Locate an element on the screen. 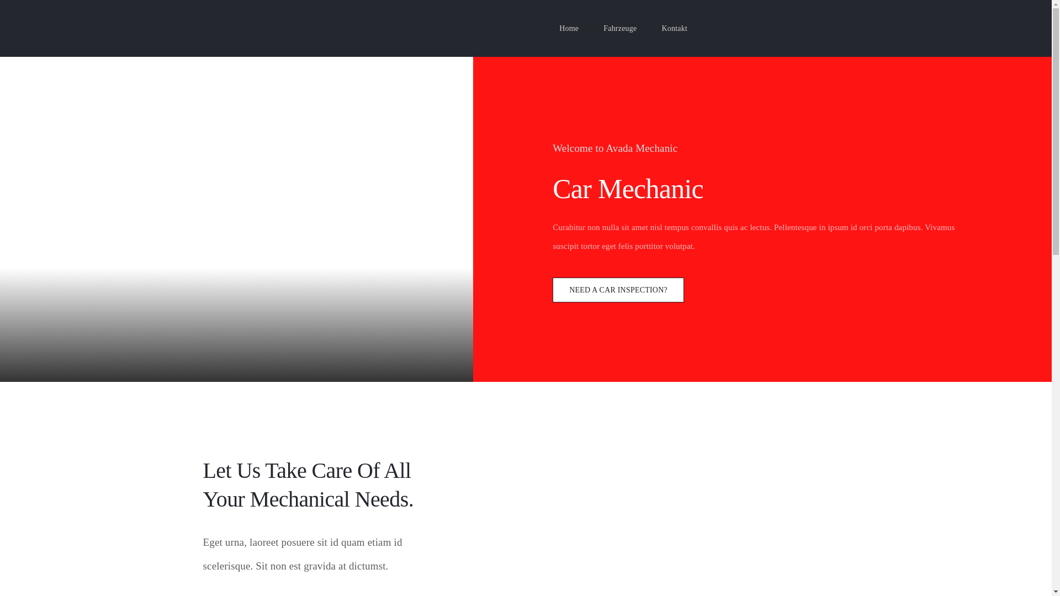 Image resolution: width=1060 pixels, height=596 pixels. 'NEED A CAR INSPECTION?' is located at coordinates (617, 289).